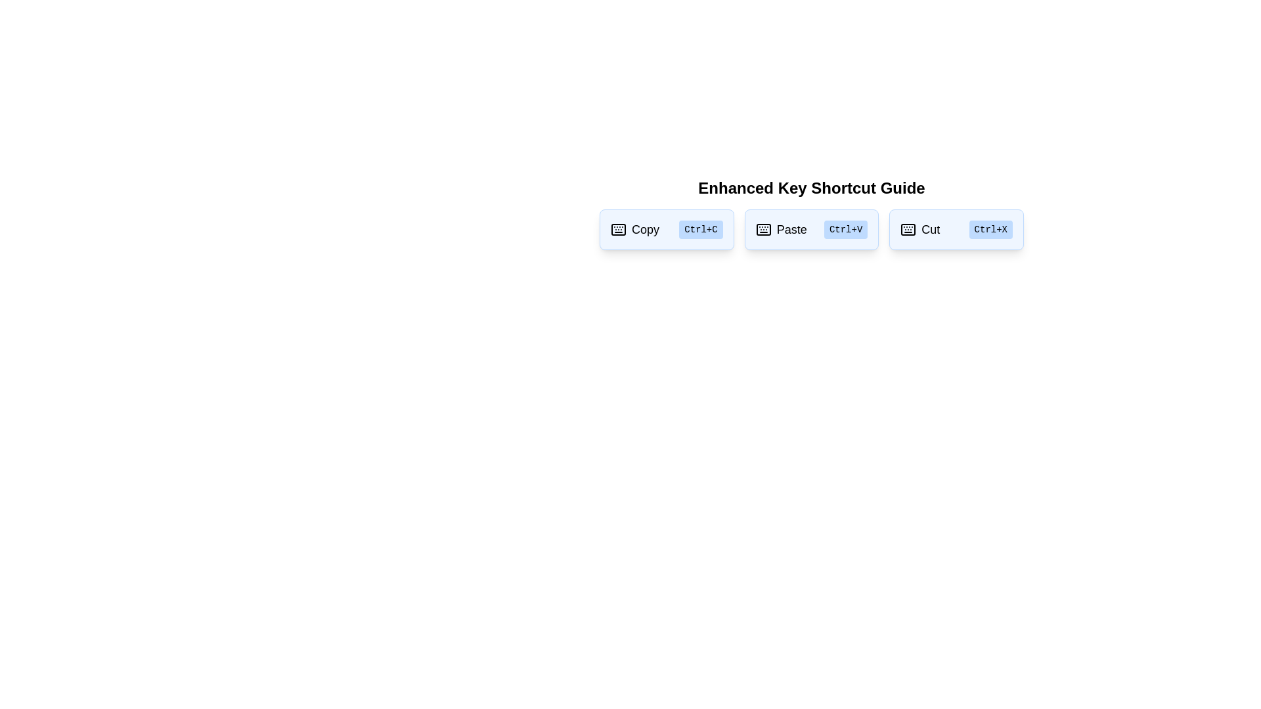 The image size is (1261, 709). What do you see at coordinates (810, 229) in the screenshot?
I see `the Info Card displaying 'Paste' with a keyboard icon and the shortcut 'Ctrl+V', which is the second card in the group of three under 'Enhanced Key Shortcut Guide'` at bounding box center [810, 229].